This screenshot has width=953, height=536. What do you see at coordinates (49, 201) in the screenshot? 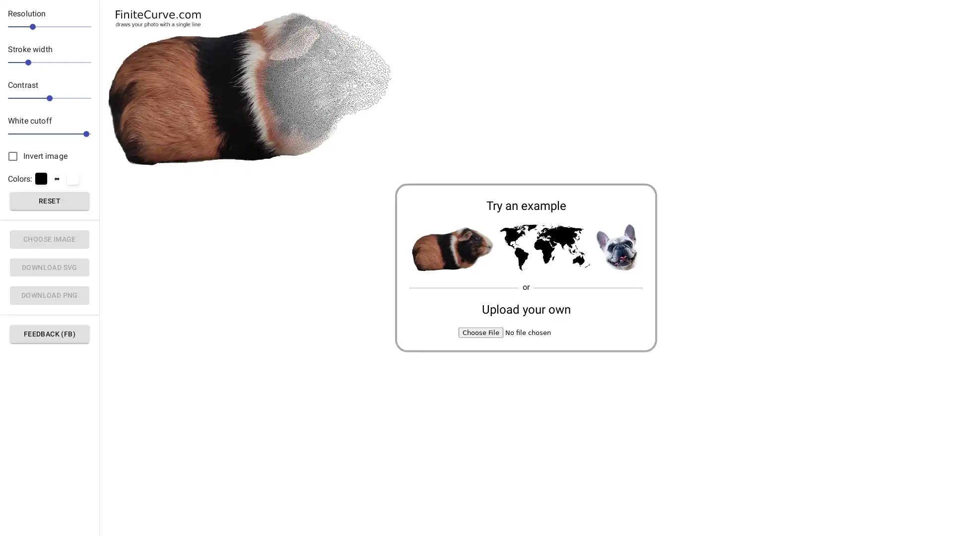
I see `RESET` at bounding box center [49, 201].